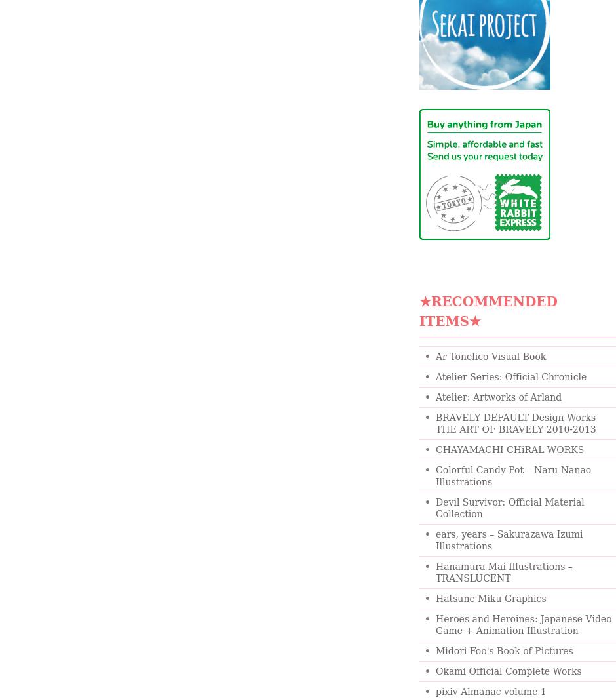 The width and height of the screenshot is (616, 699). Describe the element at coordinates (488, 311) in the screenshot. I see `'★RECOMMENDED ITEMS★'` at that location.